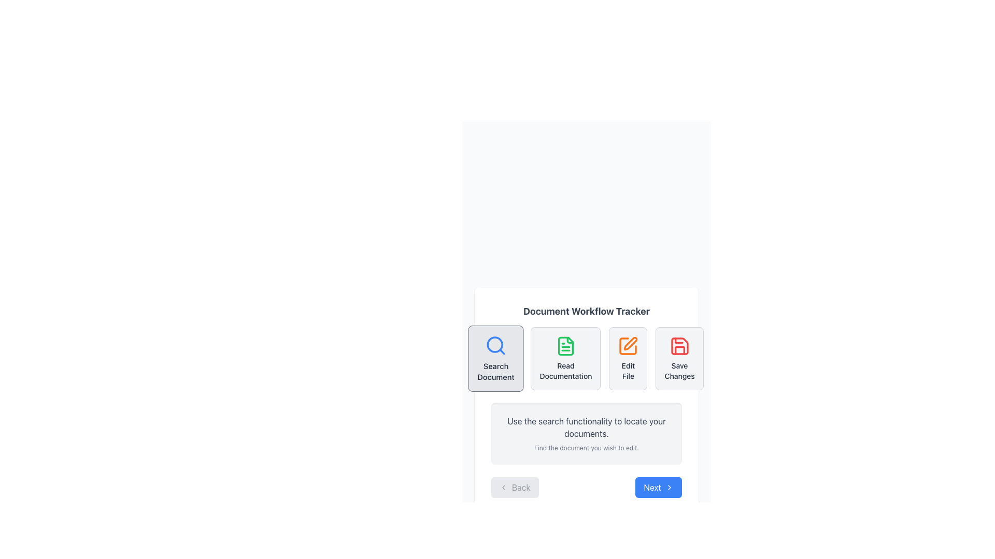 The height and width of the screenshot is (559, 995). What do you see at coordinates (565, 346) in the screenshot?
I see `the green document icon labeled 'Read Documentation' located in the top row between 'Search Document' and 'Edit File'` at bounding box center [565, 346].